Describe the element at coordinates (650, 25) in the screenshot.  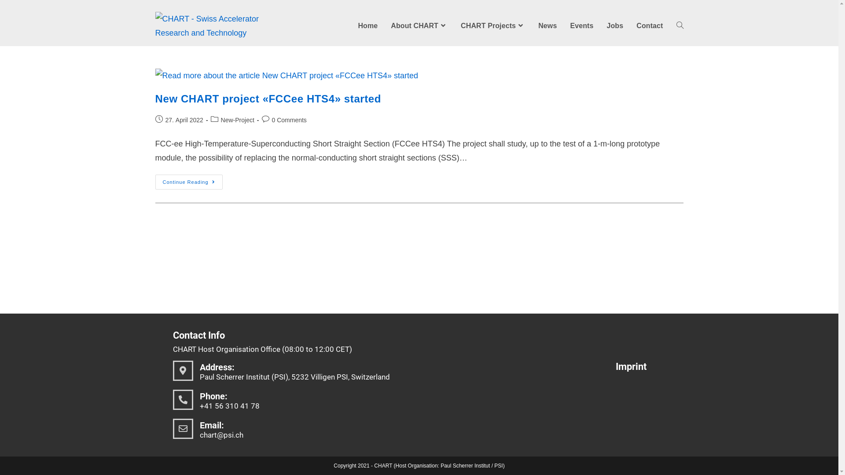
I see `'Contact'` at that location.